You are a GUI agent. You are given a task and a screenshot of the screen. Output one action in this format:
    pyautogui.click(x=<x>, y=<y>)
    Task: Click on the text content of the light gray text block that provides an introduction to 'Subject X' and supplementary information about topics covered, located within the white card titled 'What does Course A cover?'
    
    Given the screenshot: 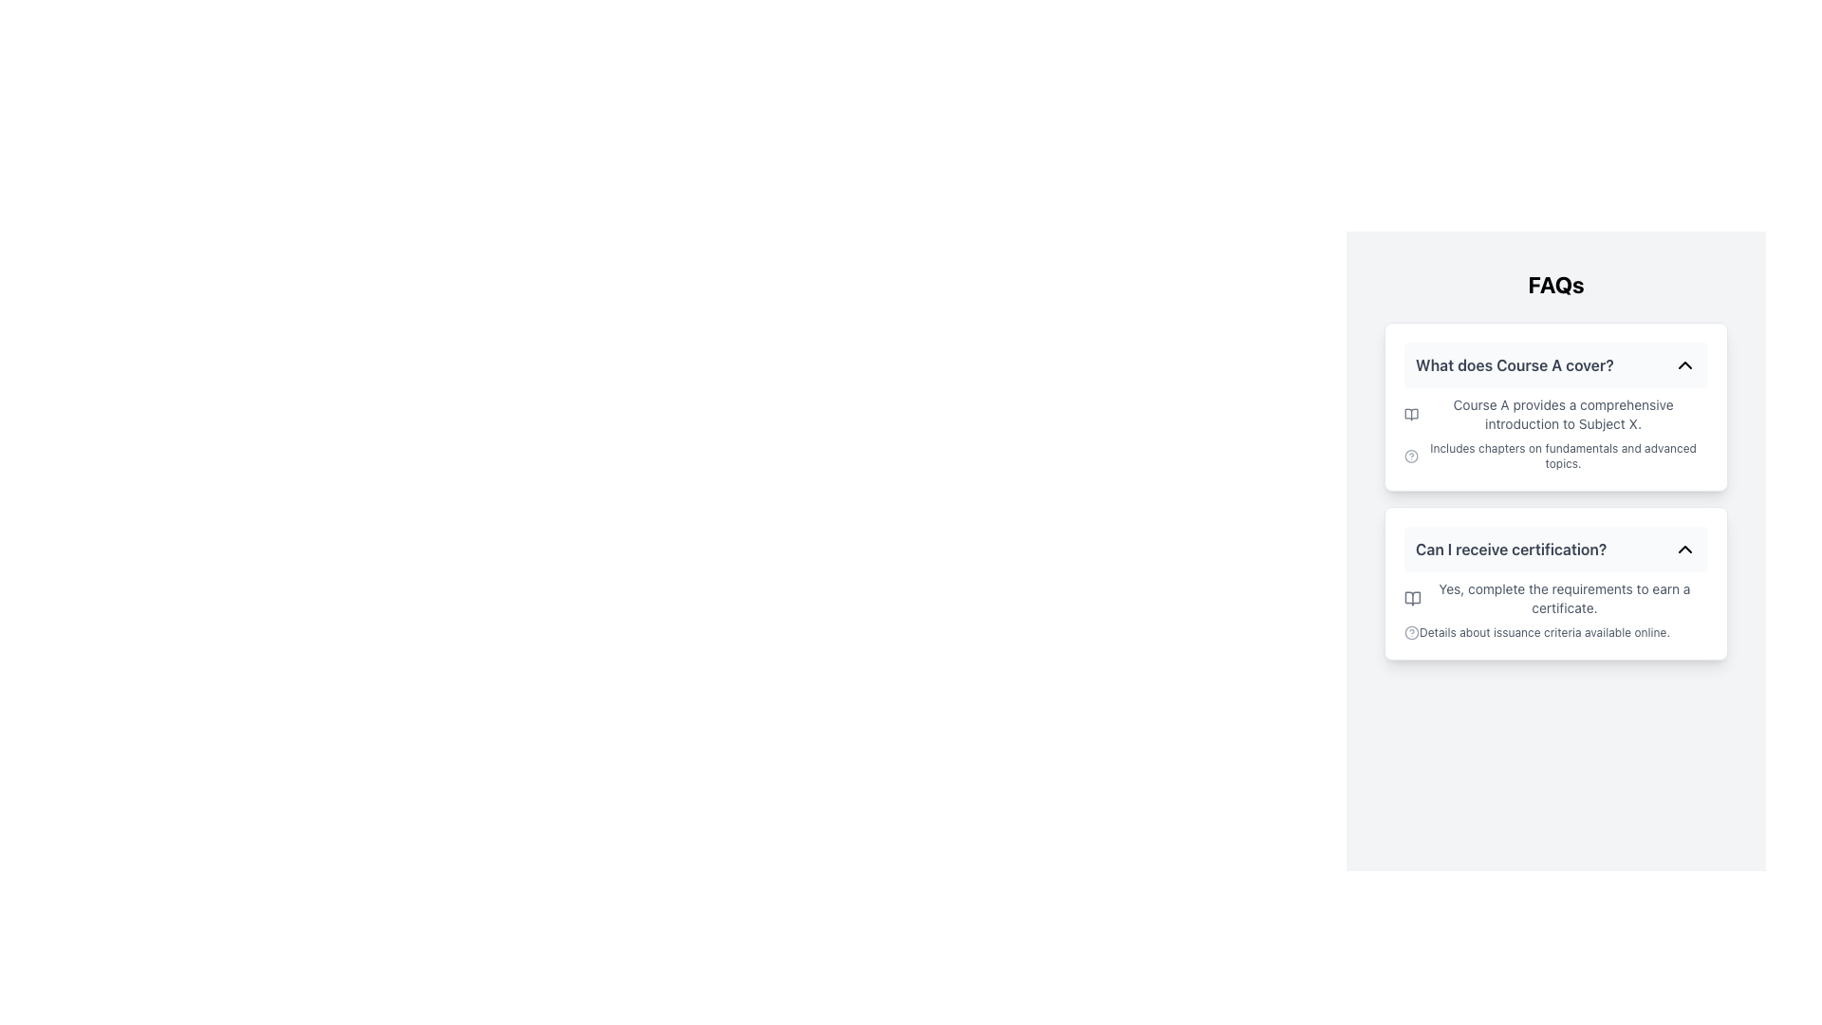 What is the action you would take?
    pyautogui.click(x=1556, y=433)
    